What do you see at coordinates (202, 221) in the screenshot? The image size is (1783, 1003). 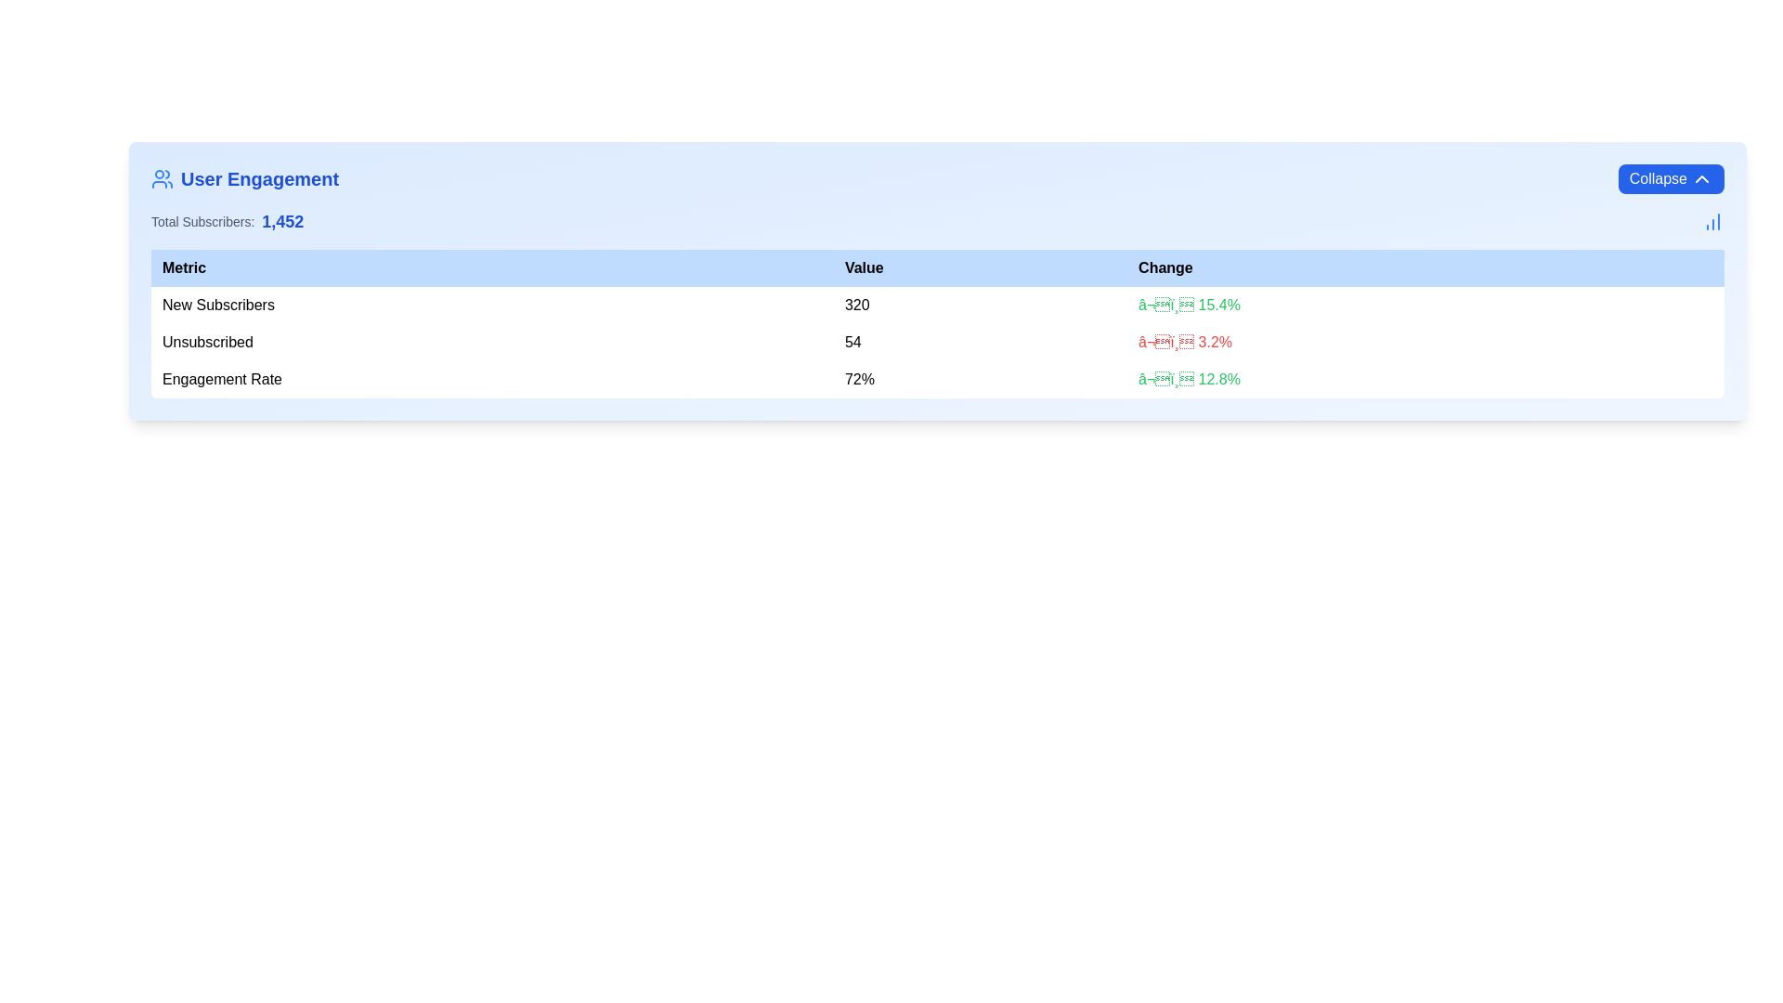 I see `the text label that indicates the total number of subscribers, positioned to the left of the numerical value '1,452' in blue, bold text` at bounding box center [202, 221].